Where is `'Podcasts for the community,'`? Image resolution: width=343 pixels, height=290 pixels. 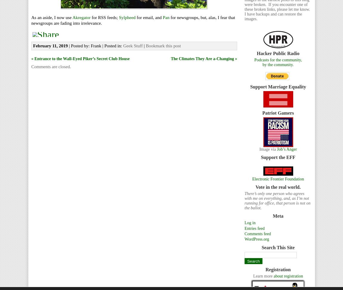
'Podcasts for the community,' is located at coordinates (278, 60).